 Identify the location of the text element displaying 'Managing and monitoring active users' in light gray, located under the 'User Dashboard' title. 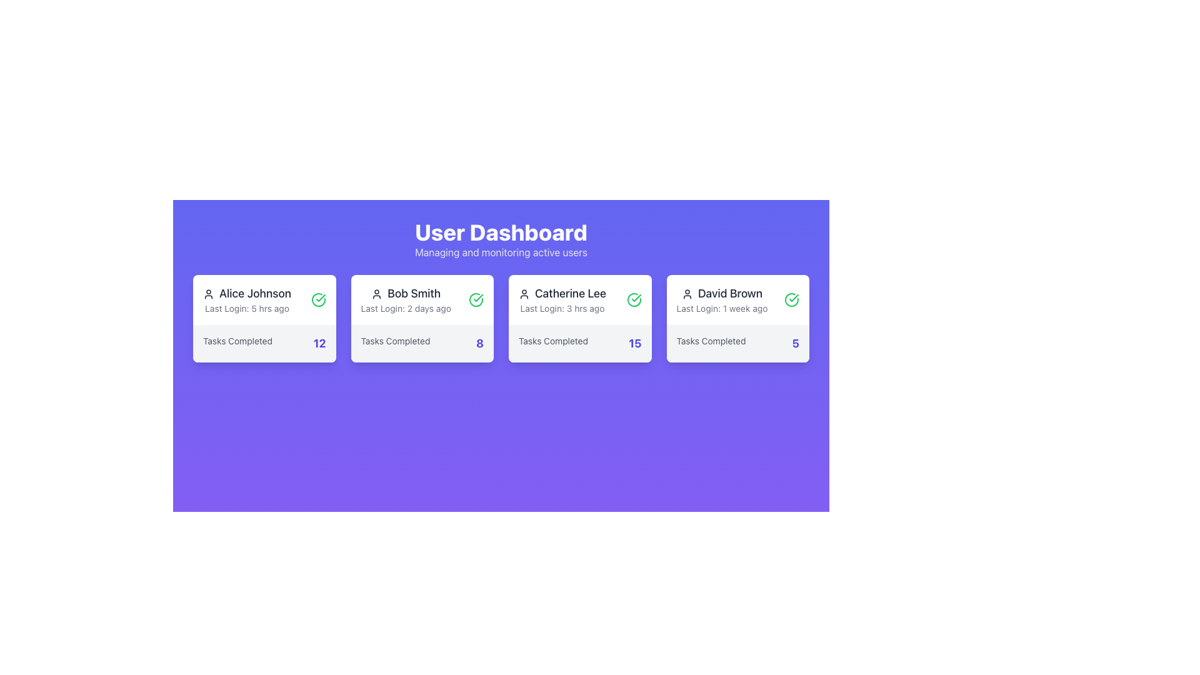
(501, 252).